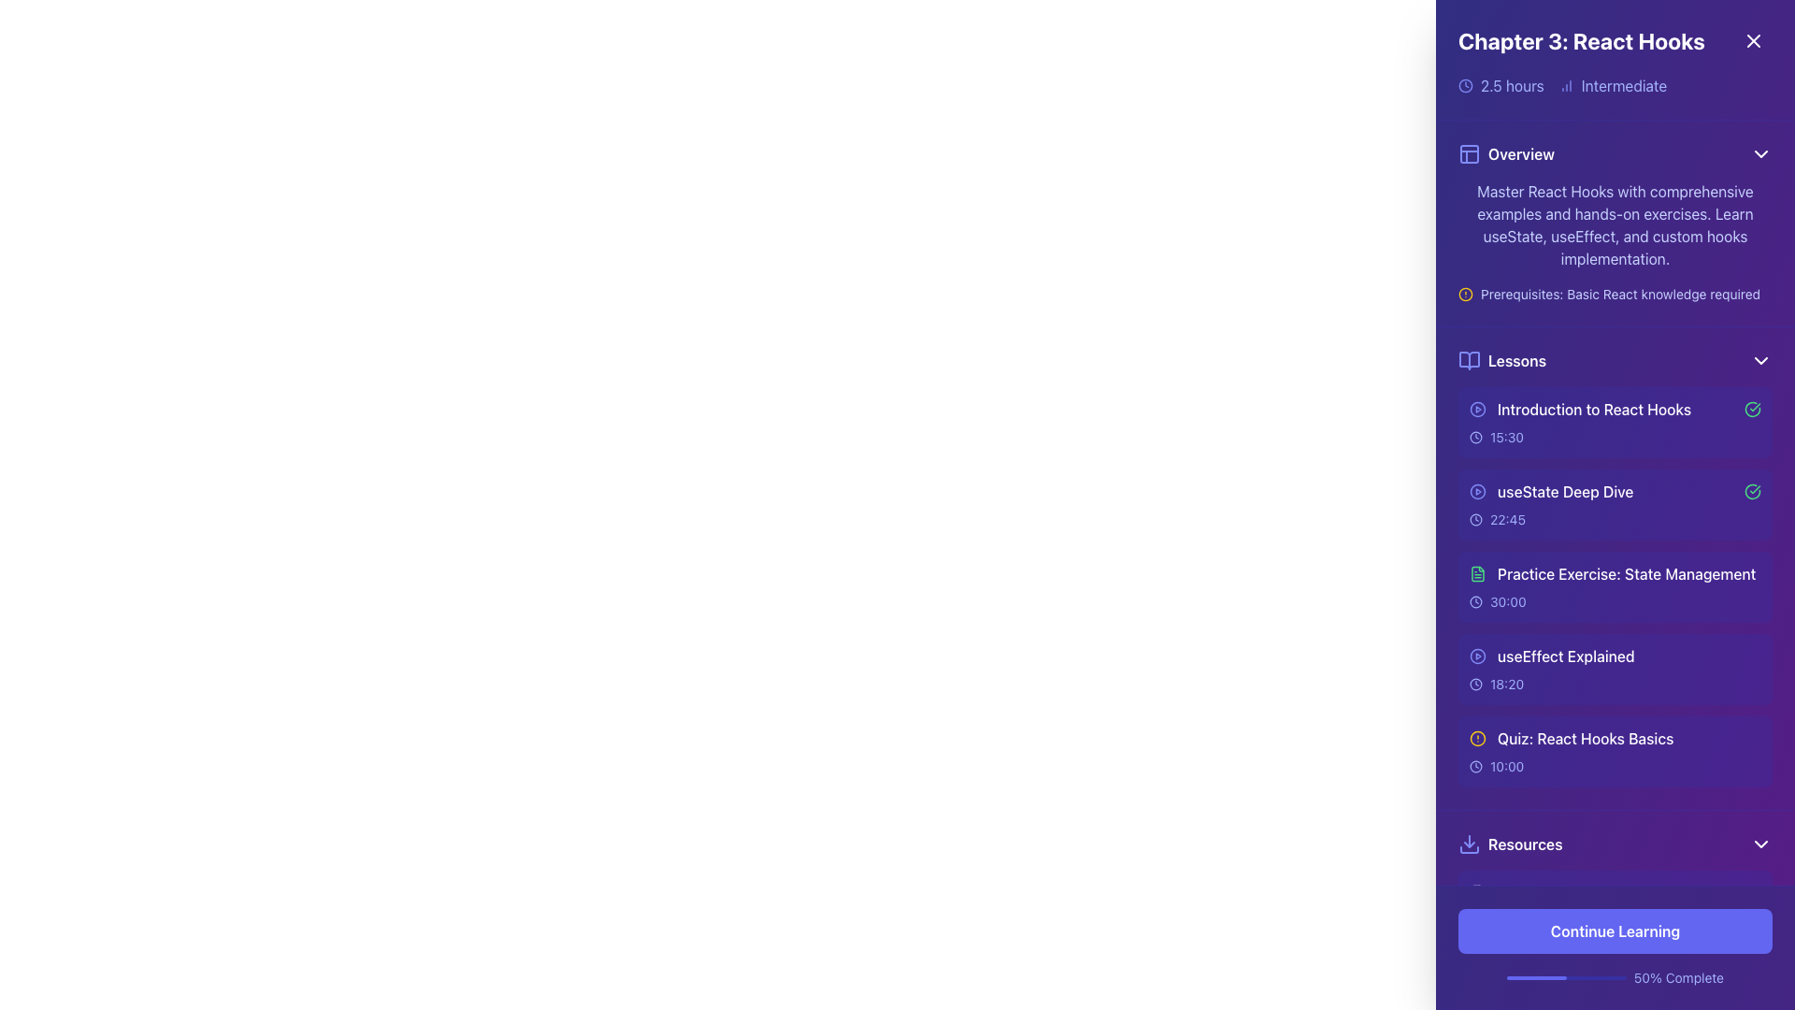 Image resolution: width=1795 pixels, height=1010 pixels. I want to click on the file/document icon located in the upper-left corner of the 'Exercise Files' section, immediately, so click(1476, 948).